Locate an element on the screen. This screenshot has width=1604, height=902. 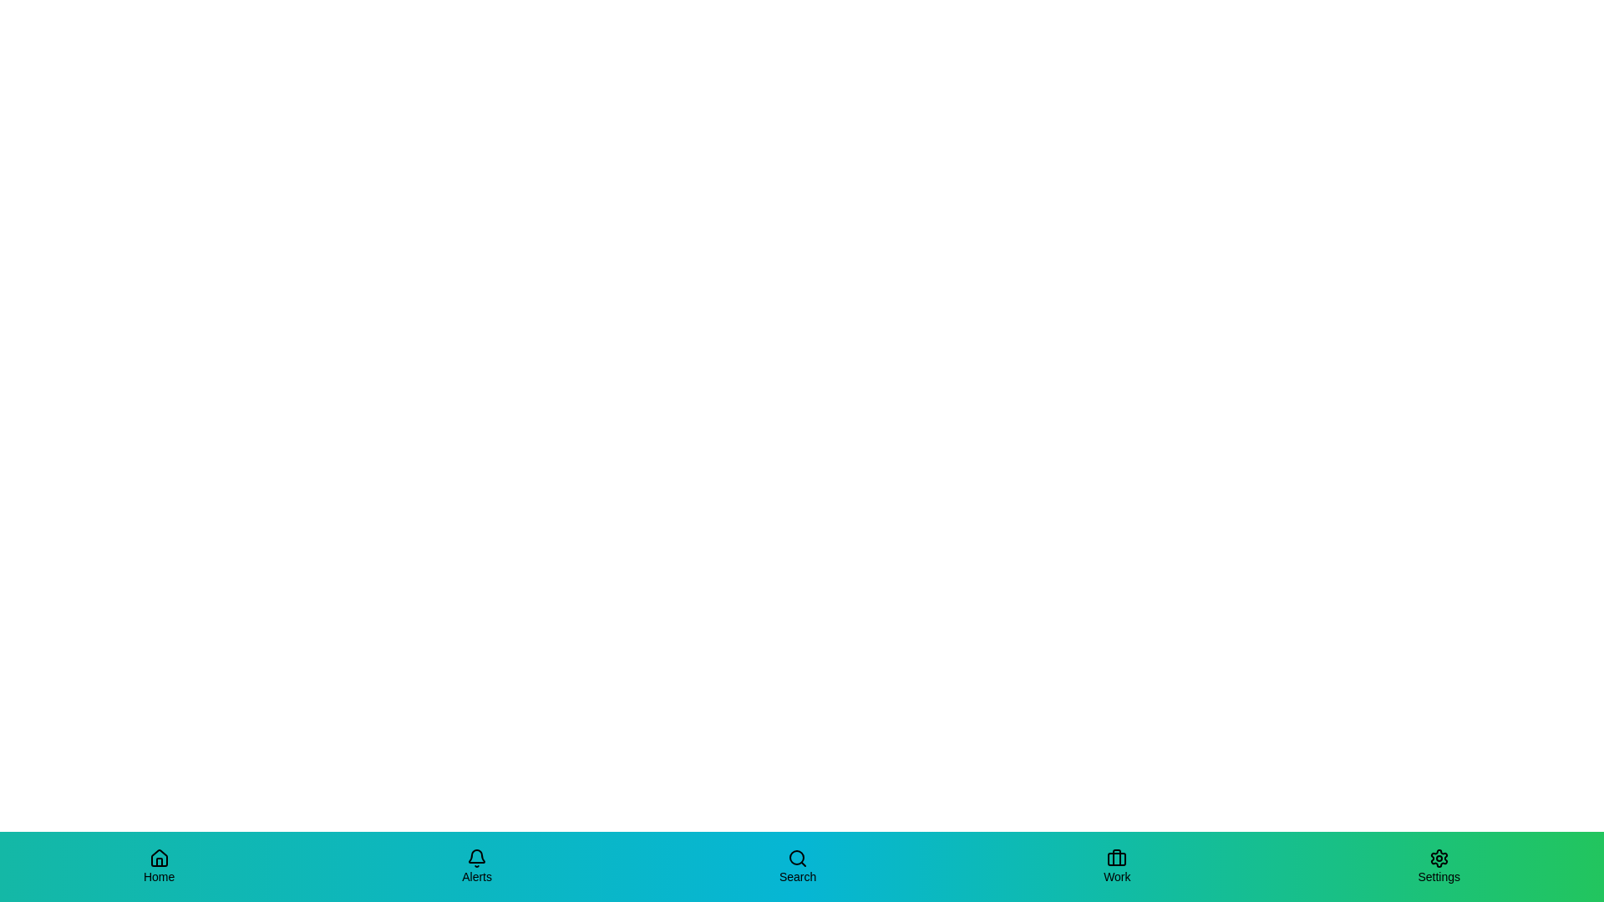
the Search tab to observe the scale effect is located at coordinates (797, 865).